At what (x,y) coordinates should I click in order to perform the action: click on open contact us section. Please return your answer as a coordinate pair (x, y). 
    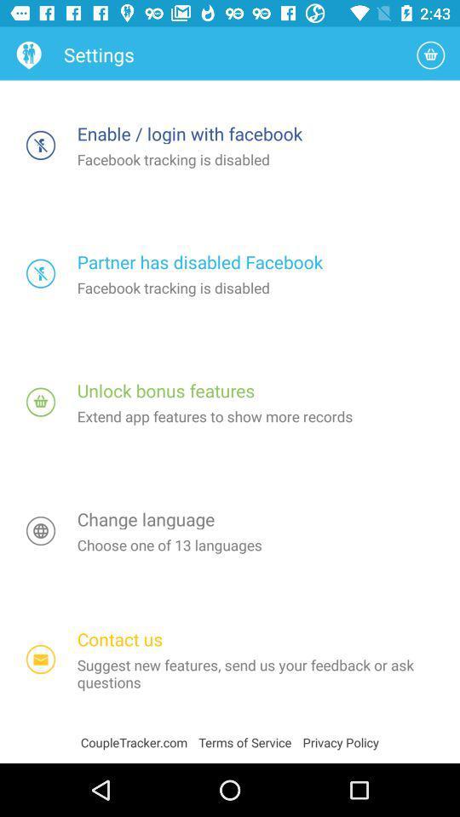
    Looking at the image, I should click on (41, 659).